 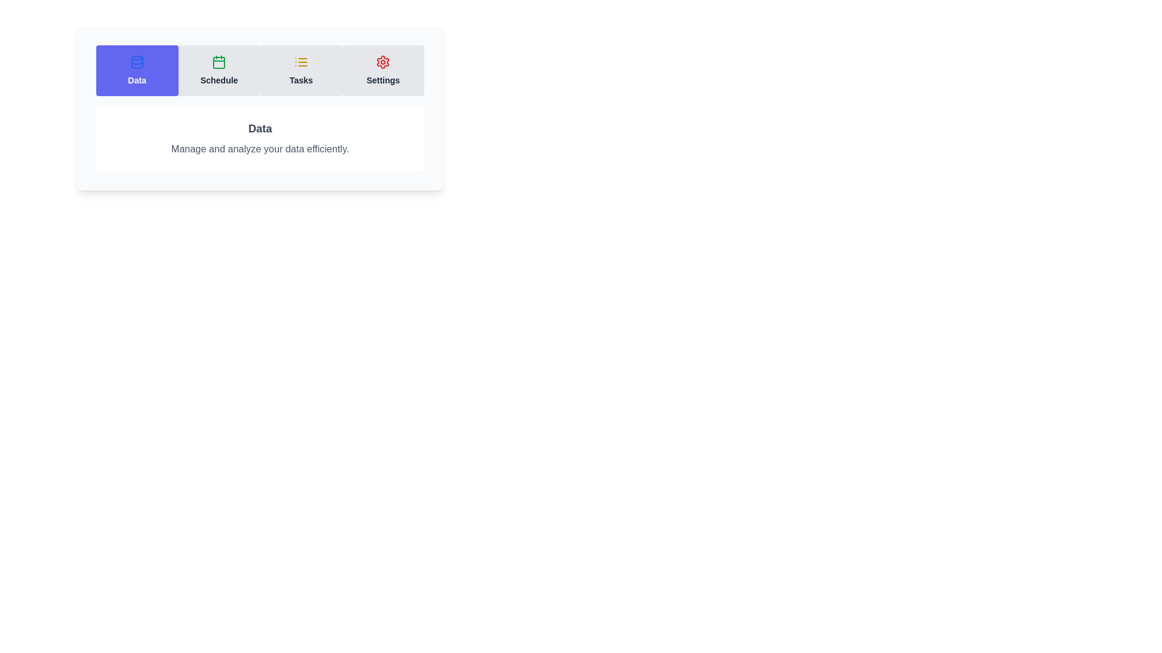 What do you see at coordinates (301, 70) in the screenshot?
I see `the tab labeled Tasks to view its content` at bounding box center [301, 70].